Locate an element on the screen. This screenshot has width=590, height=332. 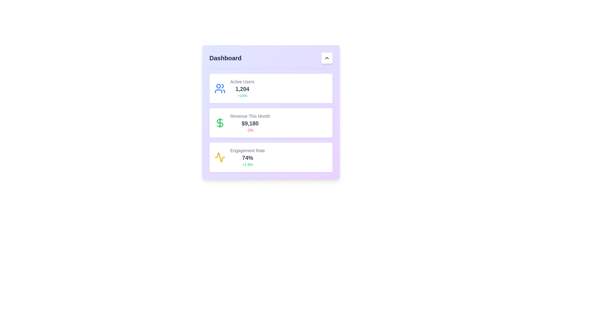
the static text label indicating the descriptive title for the financial metric displayed above the '$9,180' value in the second card of the dashboard is located at coordinates (250, 116).